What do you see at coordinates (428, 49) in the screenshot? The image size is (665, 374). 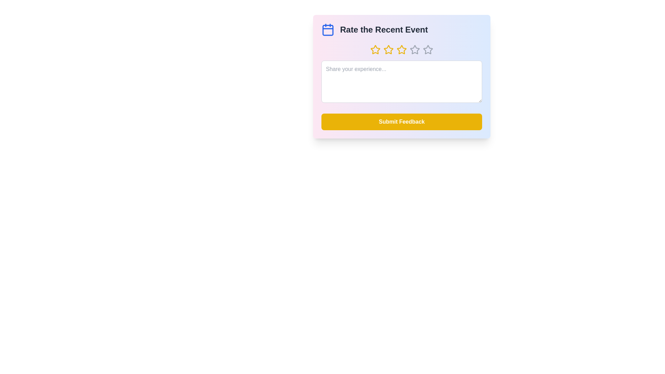 I see `the star corresponding to the desired rating of 5` at bounding box center [428, 49].